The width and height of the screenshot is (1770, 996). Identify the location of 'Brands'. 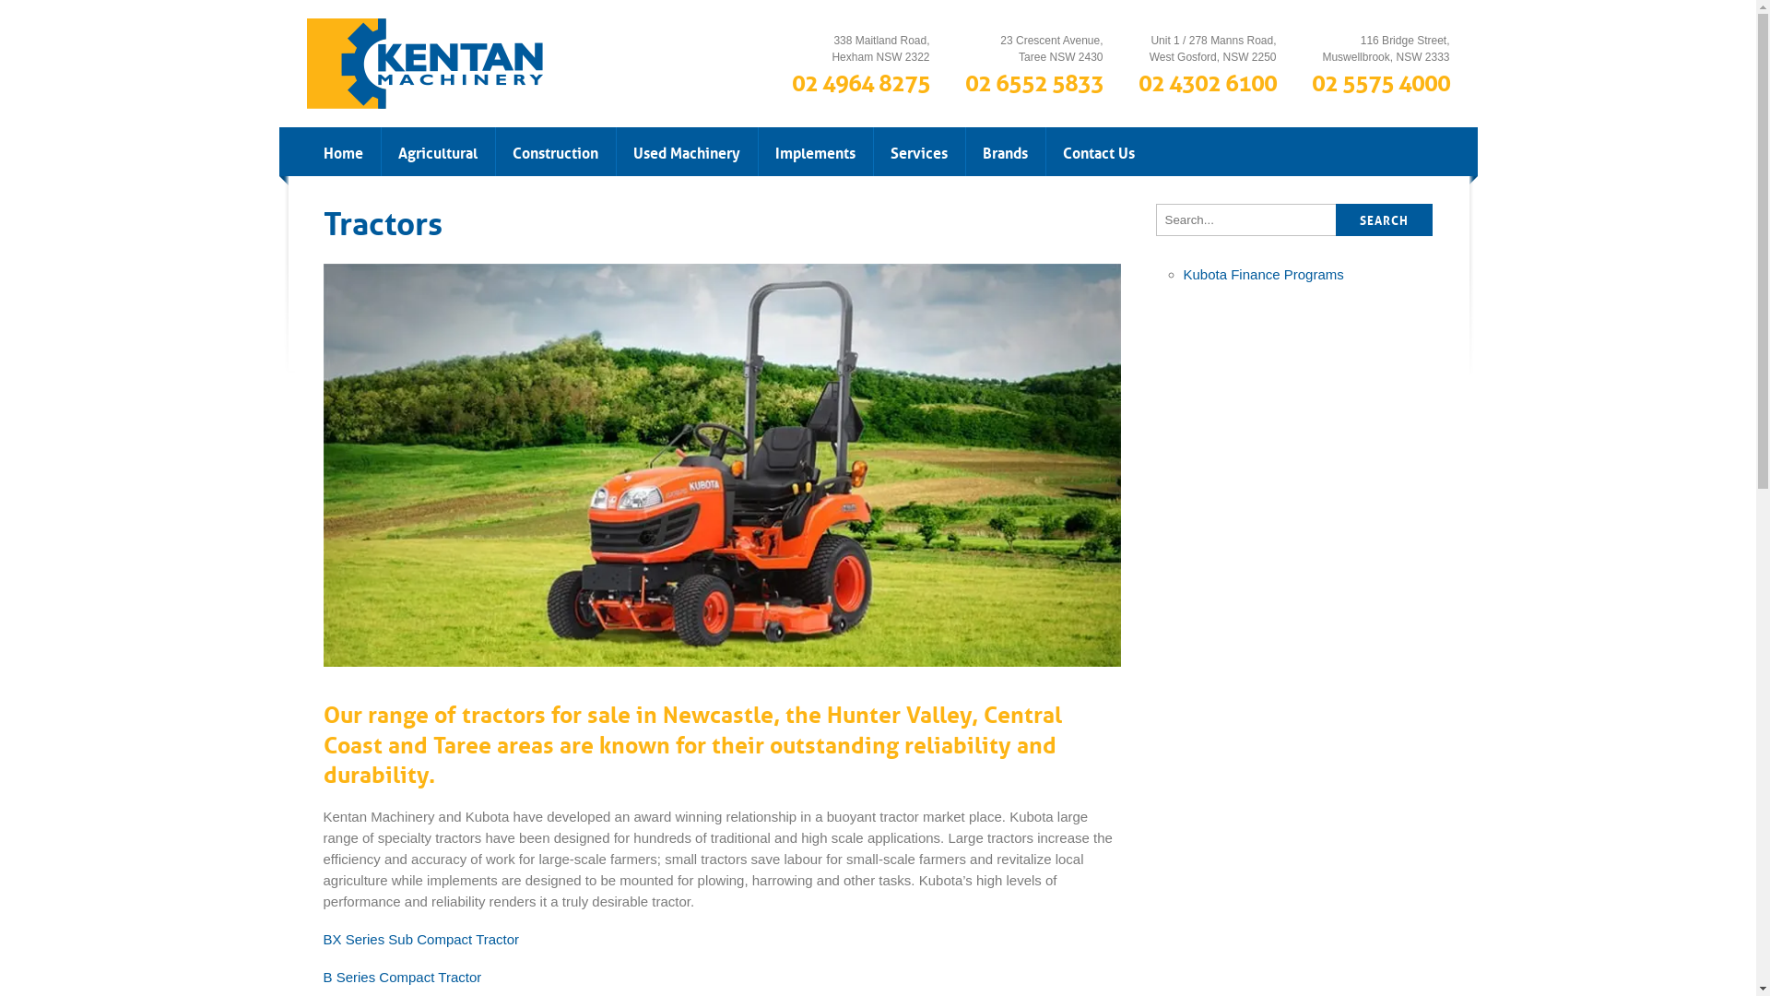
(1003, 150).